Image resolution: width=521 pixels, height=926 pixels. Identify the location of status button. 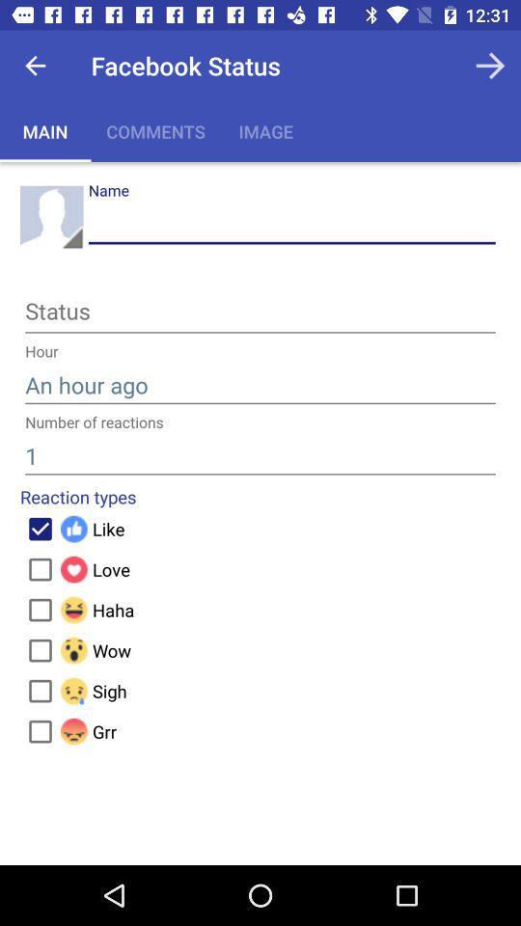
(260, 314).